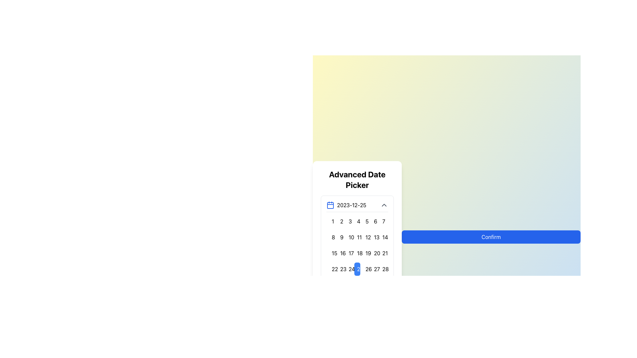 The image size is (637, 358). Describe the element at coordinates (330, 204) in the screenshot. I see `the calendar icon in the date-picker component, which is located adjacent to the date '2023-12-25'` at that location.